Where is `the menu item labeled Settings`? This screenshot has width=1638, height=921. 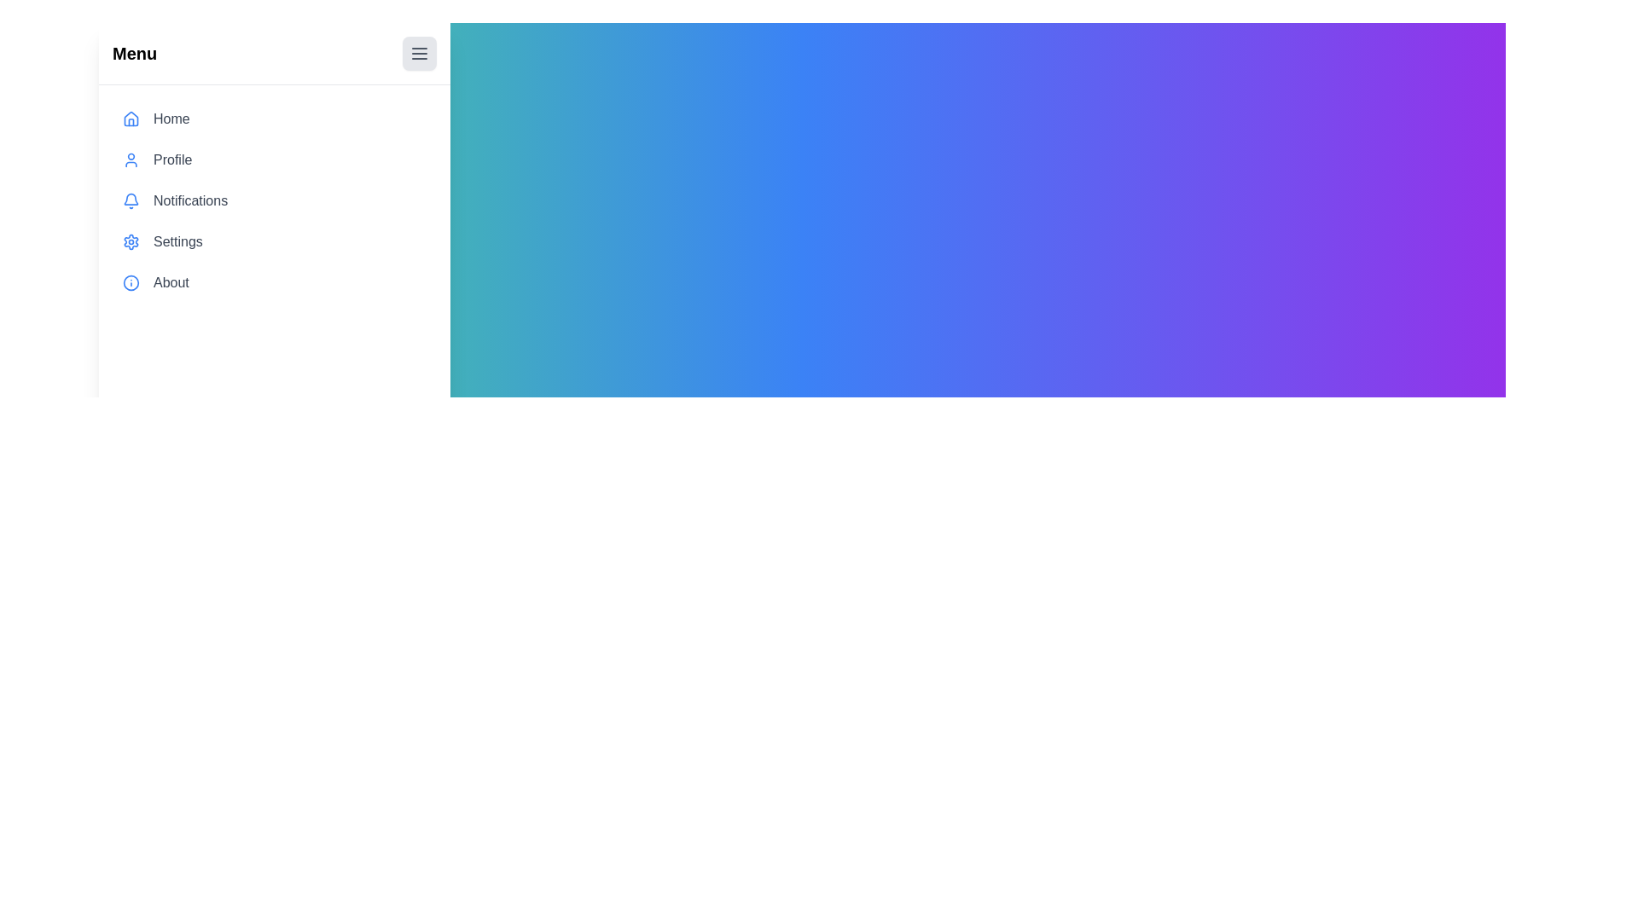
the menu item labeled Settings is located at coordinates (275, 242).